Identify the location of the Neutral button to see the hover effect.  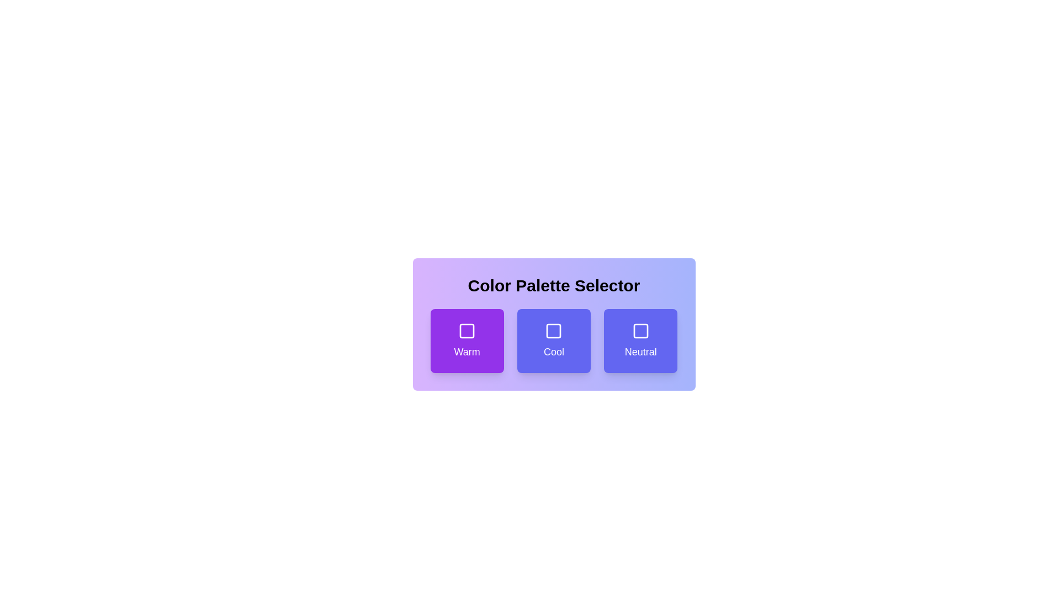
(640, 340).